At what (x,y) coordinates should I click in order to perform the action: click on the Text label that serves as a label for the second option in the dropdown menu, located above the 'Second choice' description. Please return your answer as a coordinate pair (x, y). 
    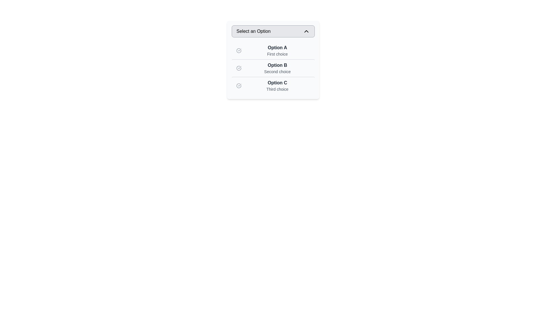
    Looking at the image, I should click on (277, 65).